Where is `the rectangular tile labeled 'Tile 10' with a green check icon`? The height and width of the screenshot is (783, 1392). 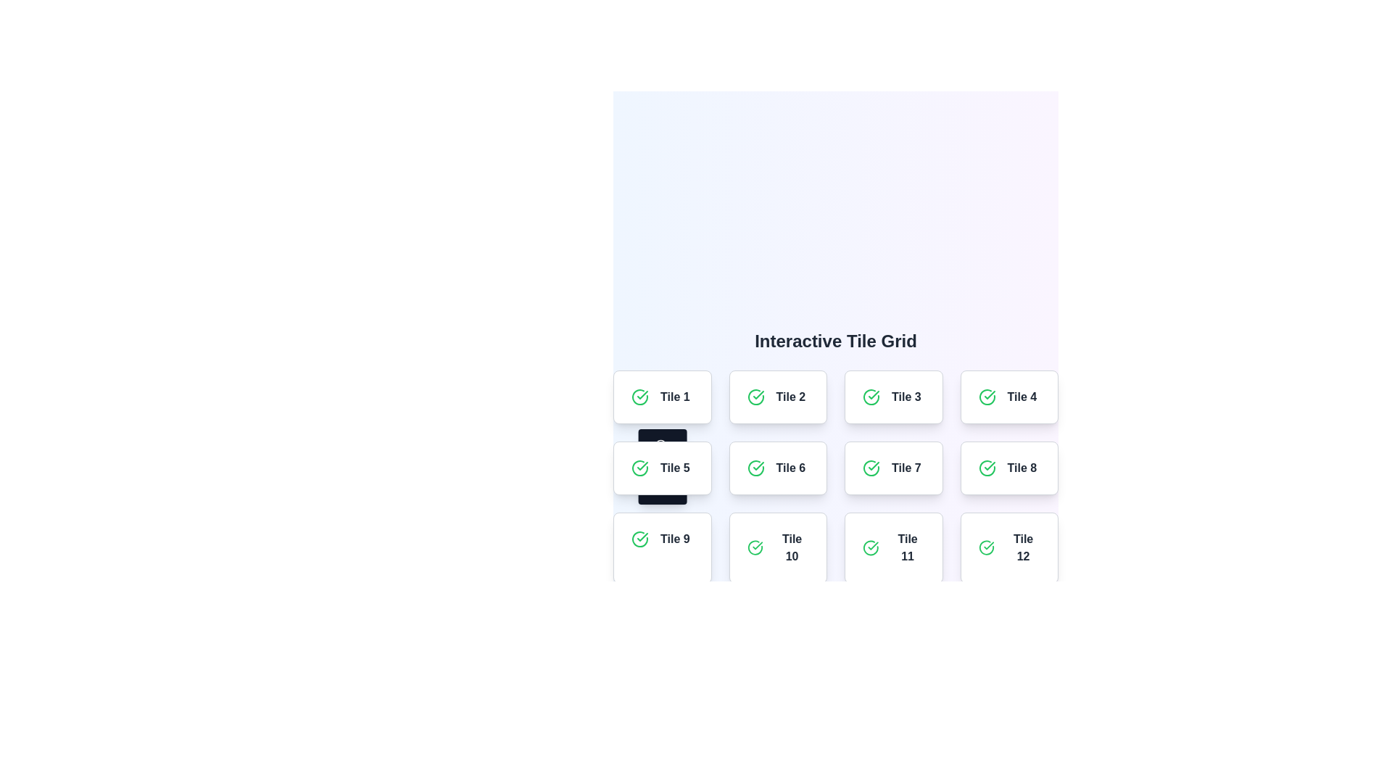 the rectangular tile labeled 'Tile 10' with a green check icon is located at coordinates (777, 548).